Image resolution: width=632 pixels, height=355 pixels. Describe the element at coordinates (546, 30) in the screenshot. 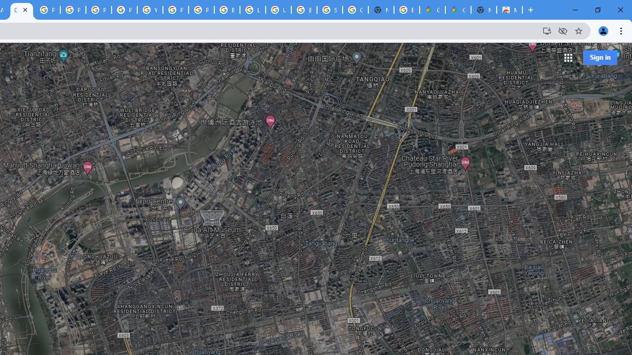

I see `'Install Google Maps'` at that location.